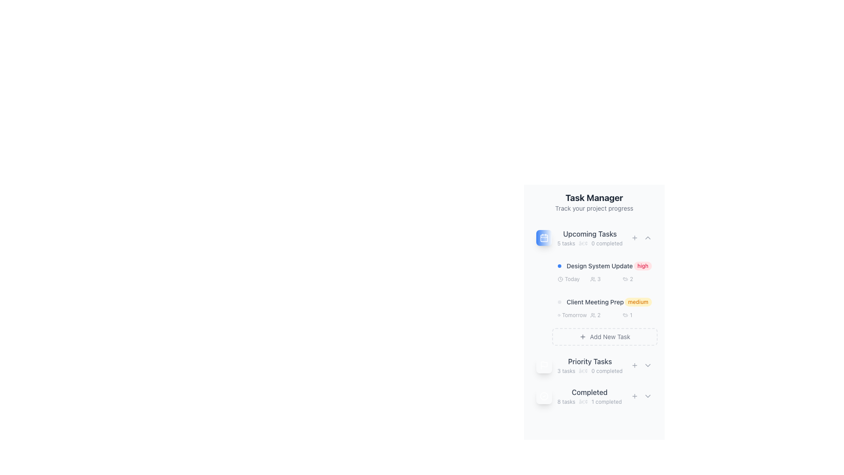  What do you see at coordinates (635, 237) in the screenshot?
I see `the 'Add New Task' button located in the 'Upcoming Tasks' section` at bounding box center [635, 237].